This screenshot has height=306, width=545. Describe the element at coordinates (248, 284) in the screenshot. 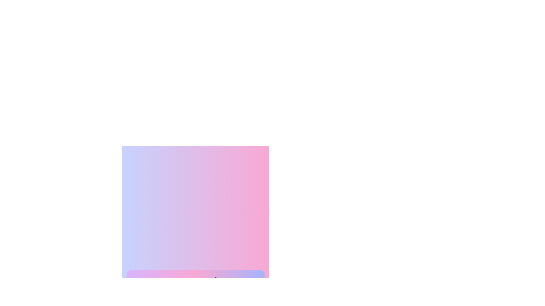

I see `the Music tab to switch to its view` at that location.